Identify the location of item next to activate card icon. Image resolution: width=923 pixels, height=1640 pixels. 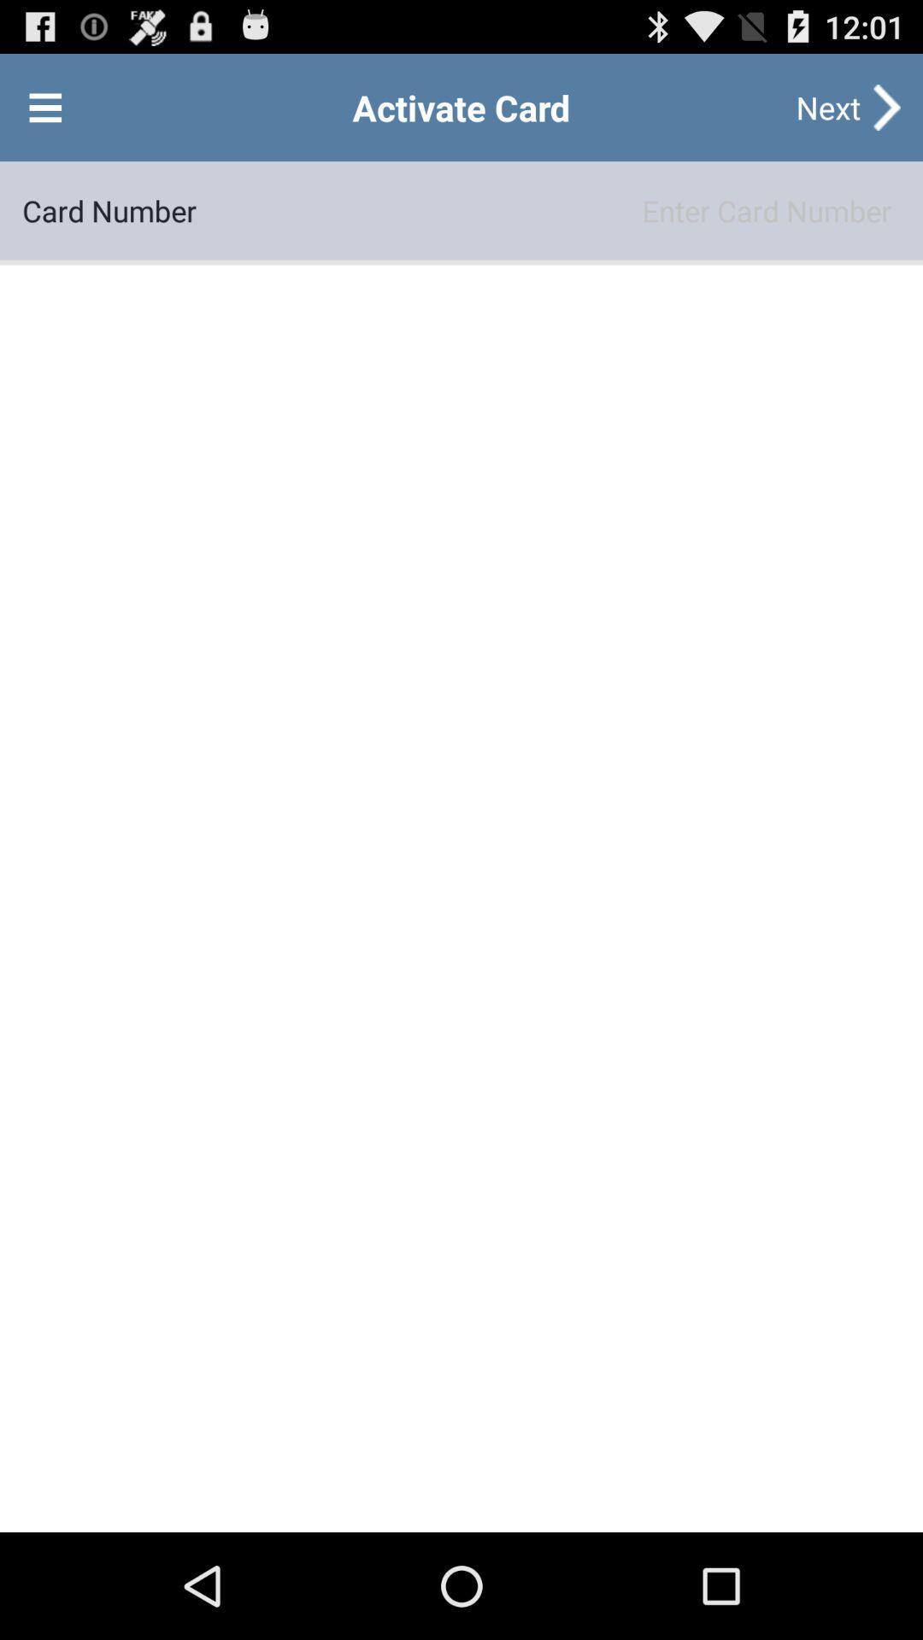
(44, 106).